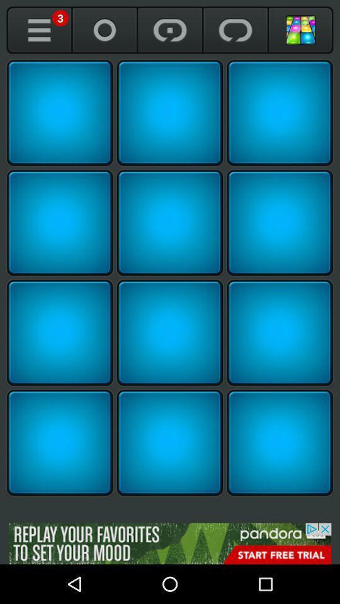  Describe the element at coordinates (39, 30) in the screenshot. I see `more details` at that location.